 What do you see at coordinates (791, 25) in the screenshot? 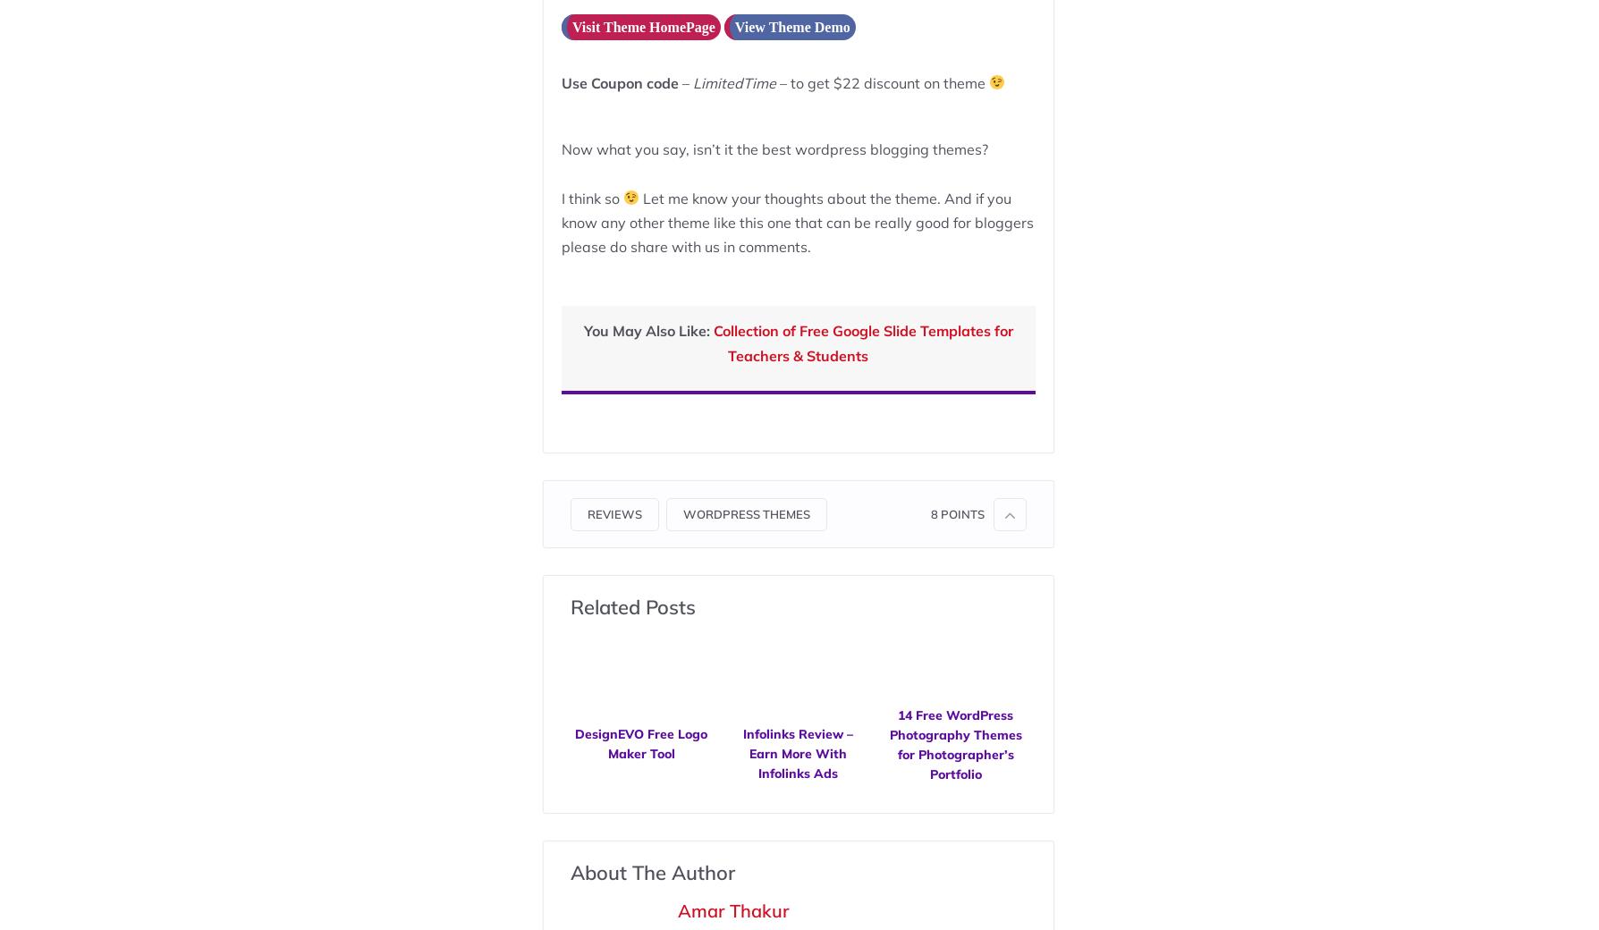
I see `'View Theme Demo'` at bounding box center [791, 25].